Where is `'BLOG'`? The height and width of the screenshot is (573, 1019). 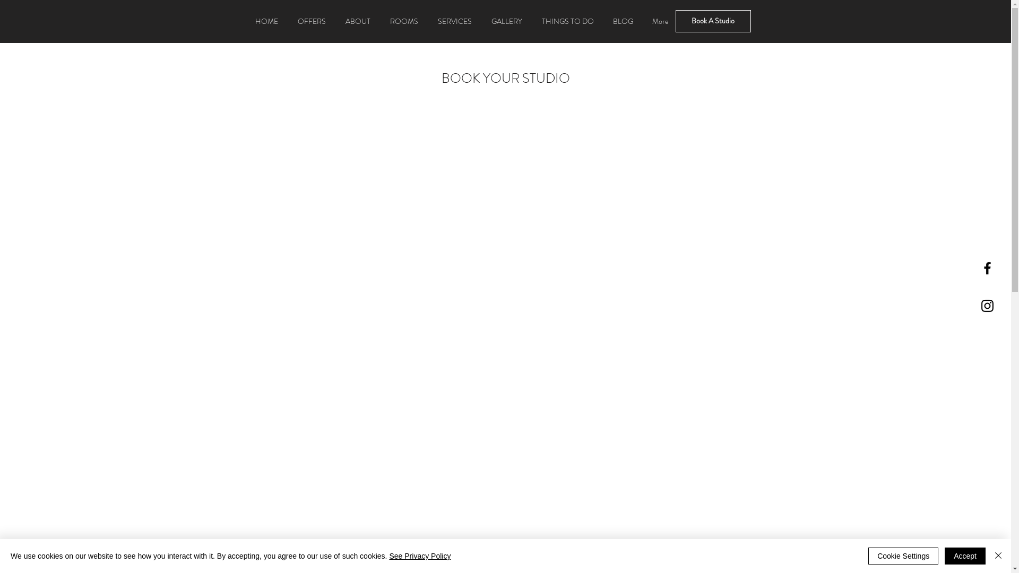
'BLOG' is located at coordinates (622, 21).